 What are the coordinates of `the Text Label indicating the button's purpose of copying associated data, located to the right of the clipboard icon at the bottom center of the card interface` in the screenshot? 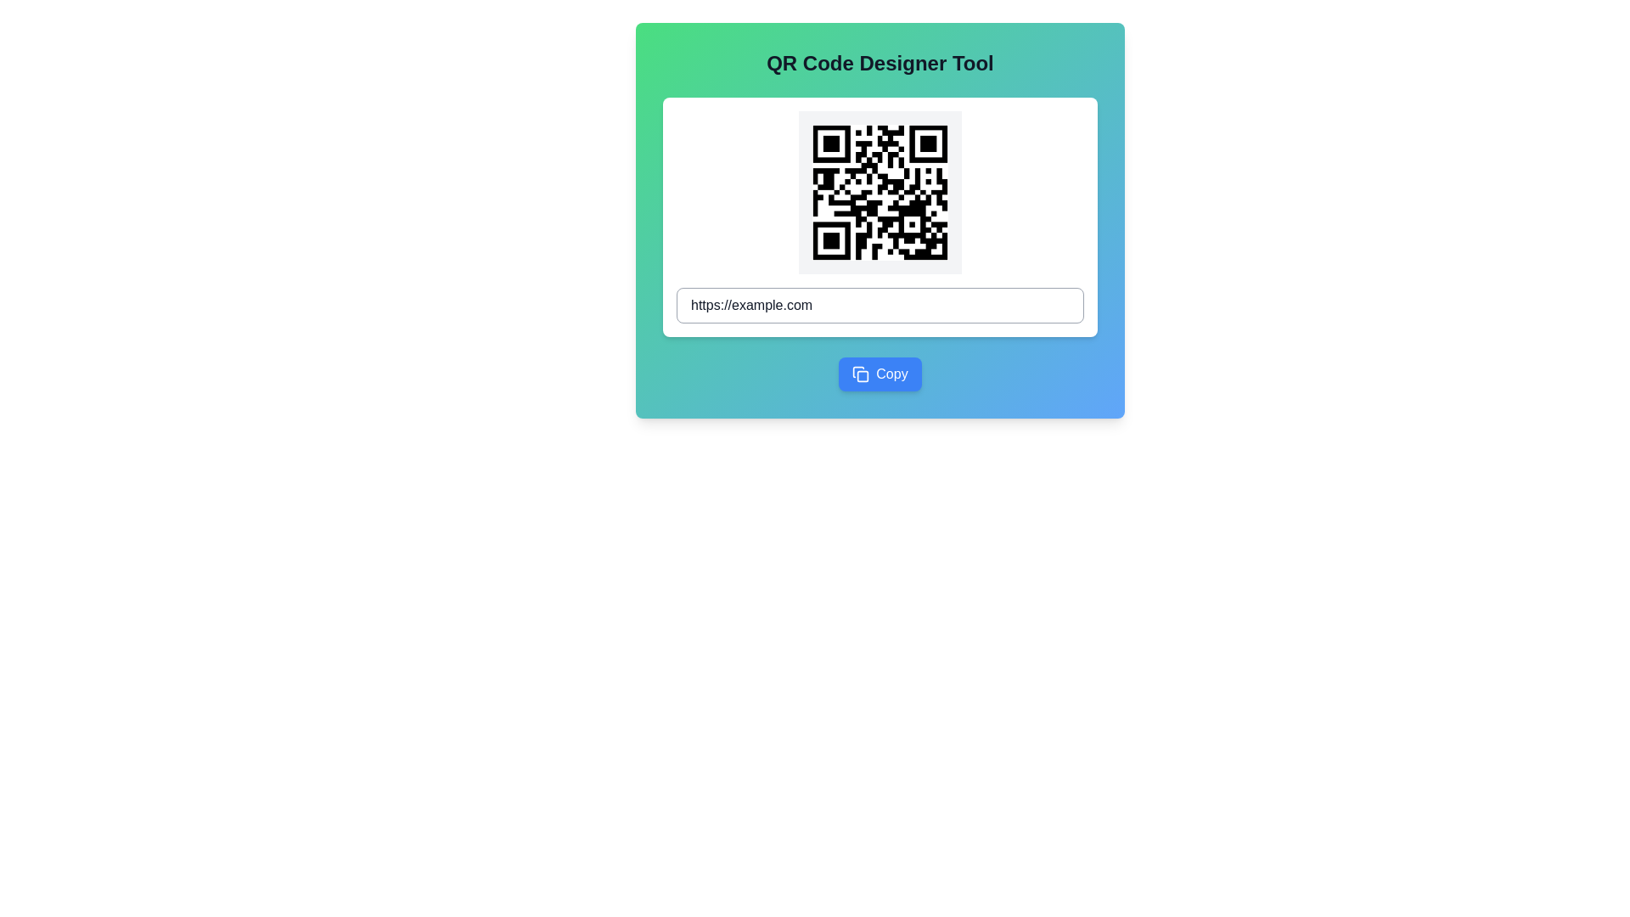 It's located at (891, 373).